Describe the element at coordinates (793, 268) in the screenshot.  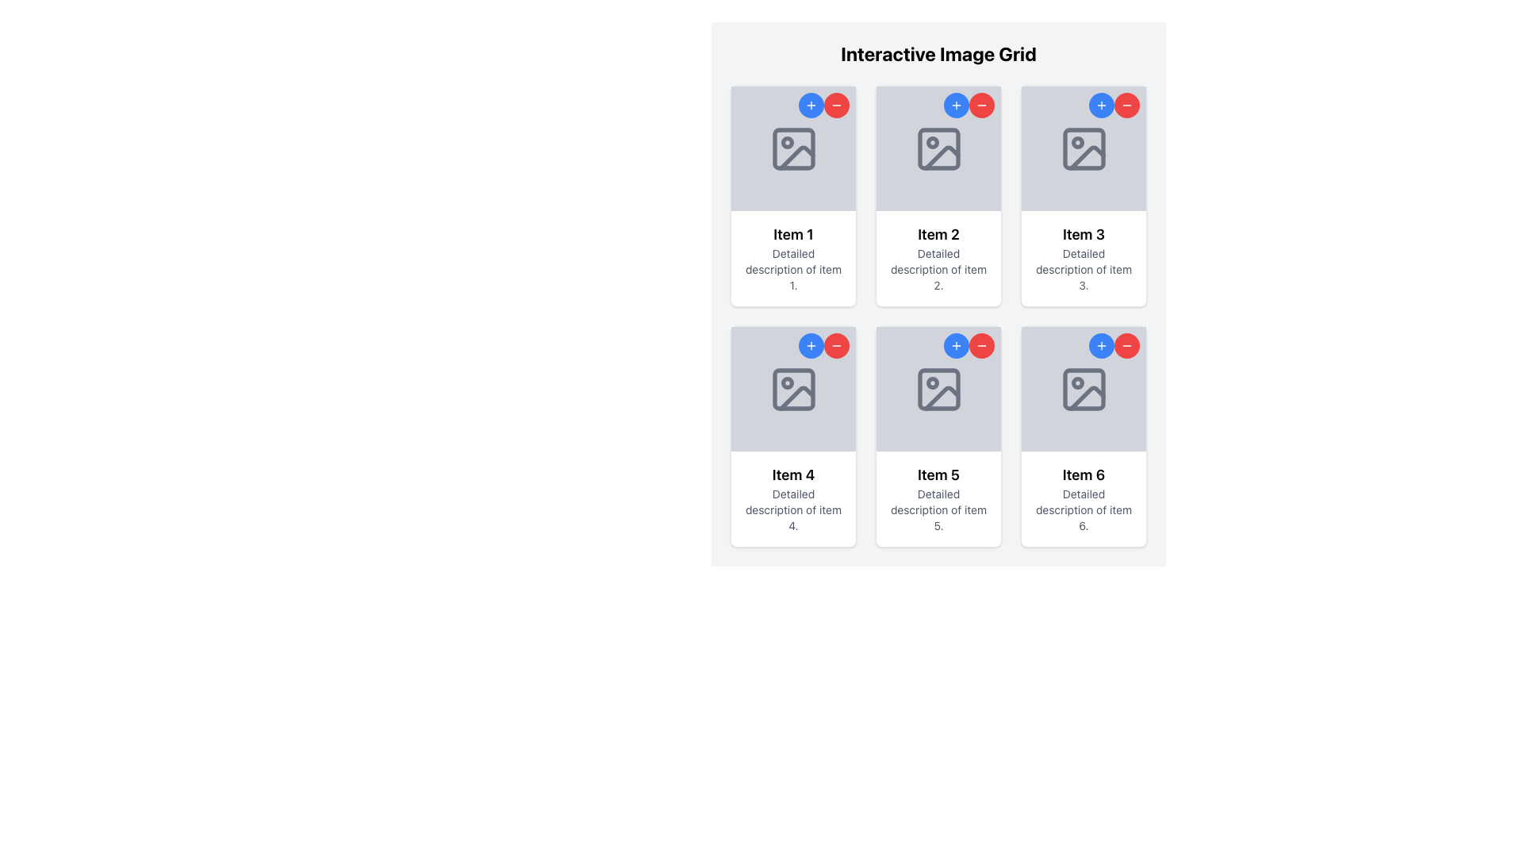
I see `the descriptive text element located under the title 'Item 1' in the first card of a 3x2 grid` at that location.